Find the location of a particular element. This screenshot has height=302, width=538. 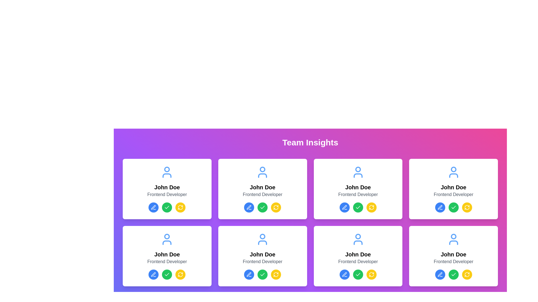

the green checkmark icon within the circular button located below the 'John Doe' profile card to confirm an action is located at coordinates (167, 274).